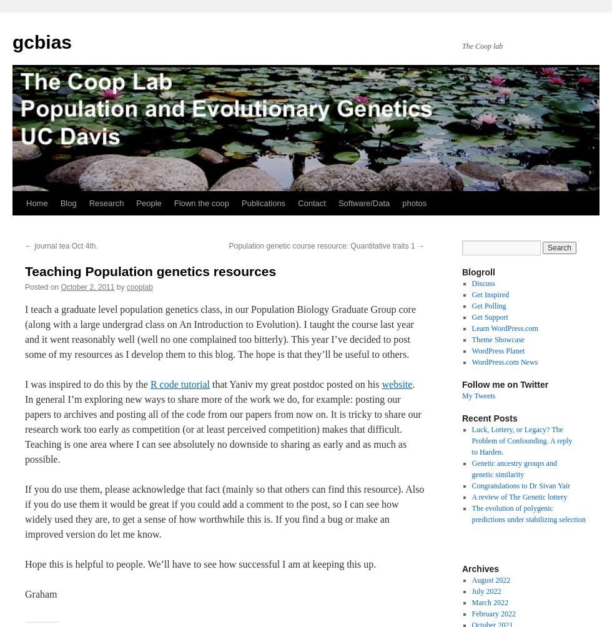 The image size is (612, 627). What do you see at coordinates (505, 328) in the screenshot?
I see `'Learn WordPress.com'` at bounding box center [505, 328].